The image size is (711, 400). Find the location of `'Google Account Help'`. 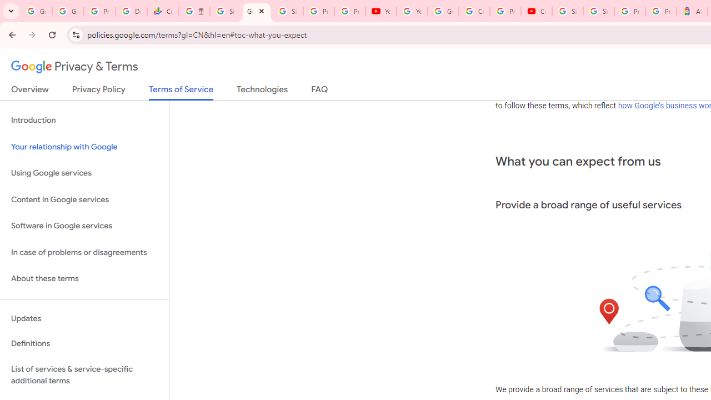

'Google Account Help' is located at coordinates (443, 11).